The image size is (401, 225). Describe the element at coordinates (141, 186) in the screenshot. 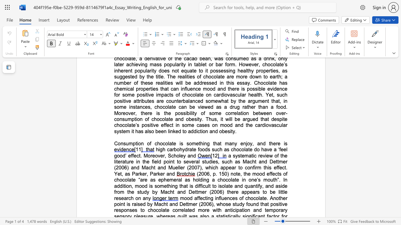

I see `the subset text "od is something that is difficult to isolate and quantify, and aside from the study by Macht and Dett" within the text "h”. In addition, mood is something that is difficult to isolate and quantify, and aside from the study by Macht and Dettmer (2006) there appears to be little research on any"` at that location.